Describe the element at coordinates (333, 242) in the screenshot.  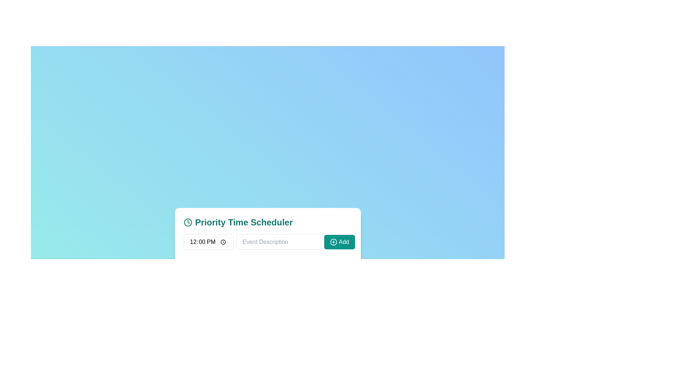
I see `the circular icon on the left side of the 'Add' button located at the bottom-right of the 'Priority Time Scheduler' UI box` at that location.